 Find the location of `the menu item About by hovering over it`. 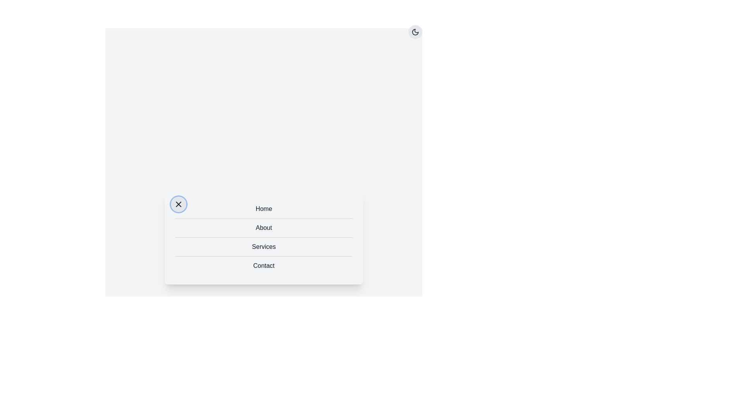

the menu item About by hovering over it is located at coordinates (264, 227).